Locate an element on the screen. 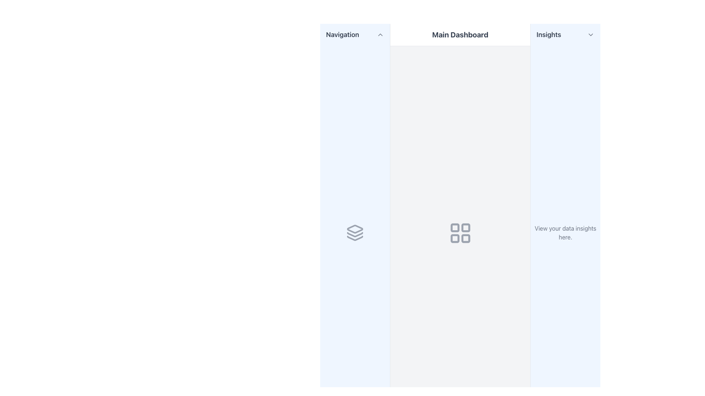  the small, square-shaped icon located in the bottom-right position of a 2x2 grid in the center panel is located at coordinates (465, 238).